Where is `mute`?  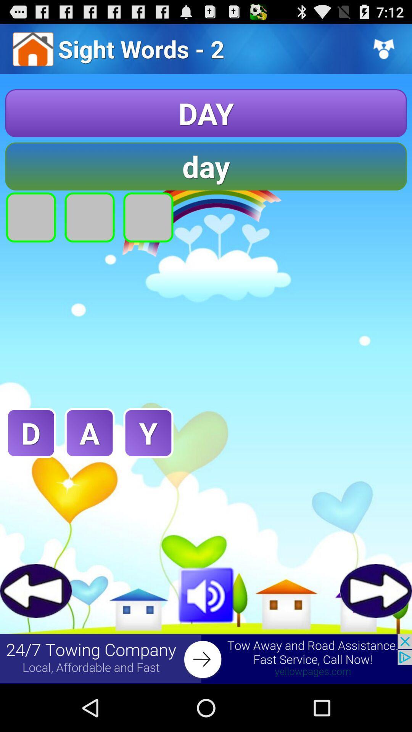 mute is located at coordinates (206, 593).